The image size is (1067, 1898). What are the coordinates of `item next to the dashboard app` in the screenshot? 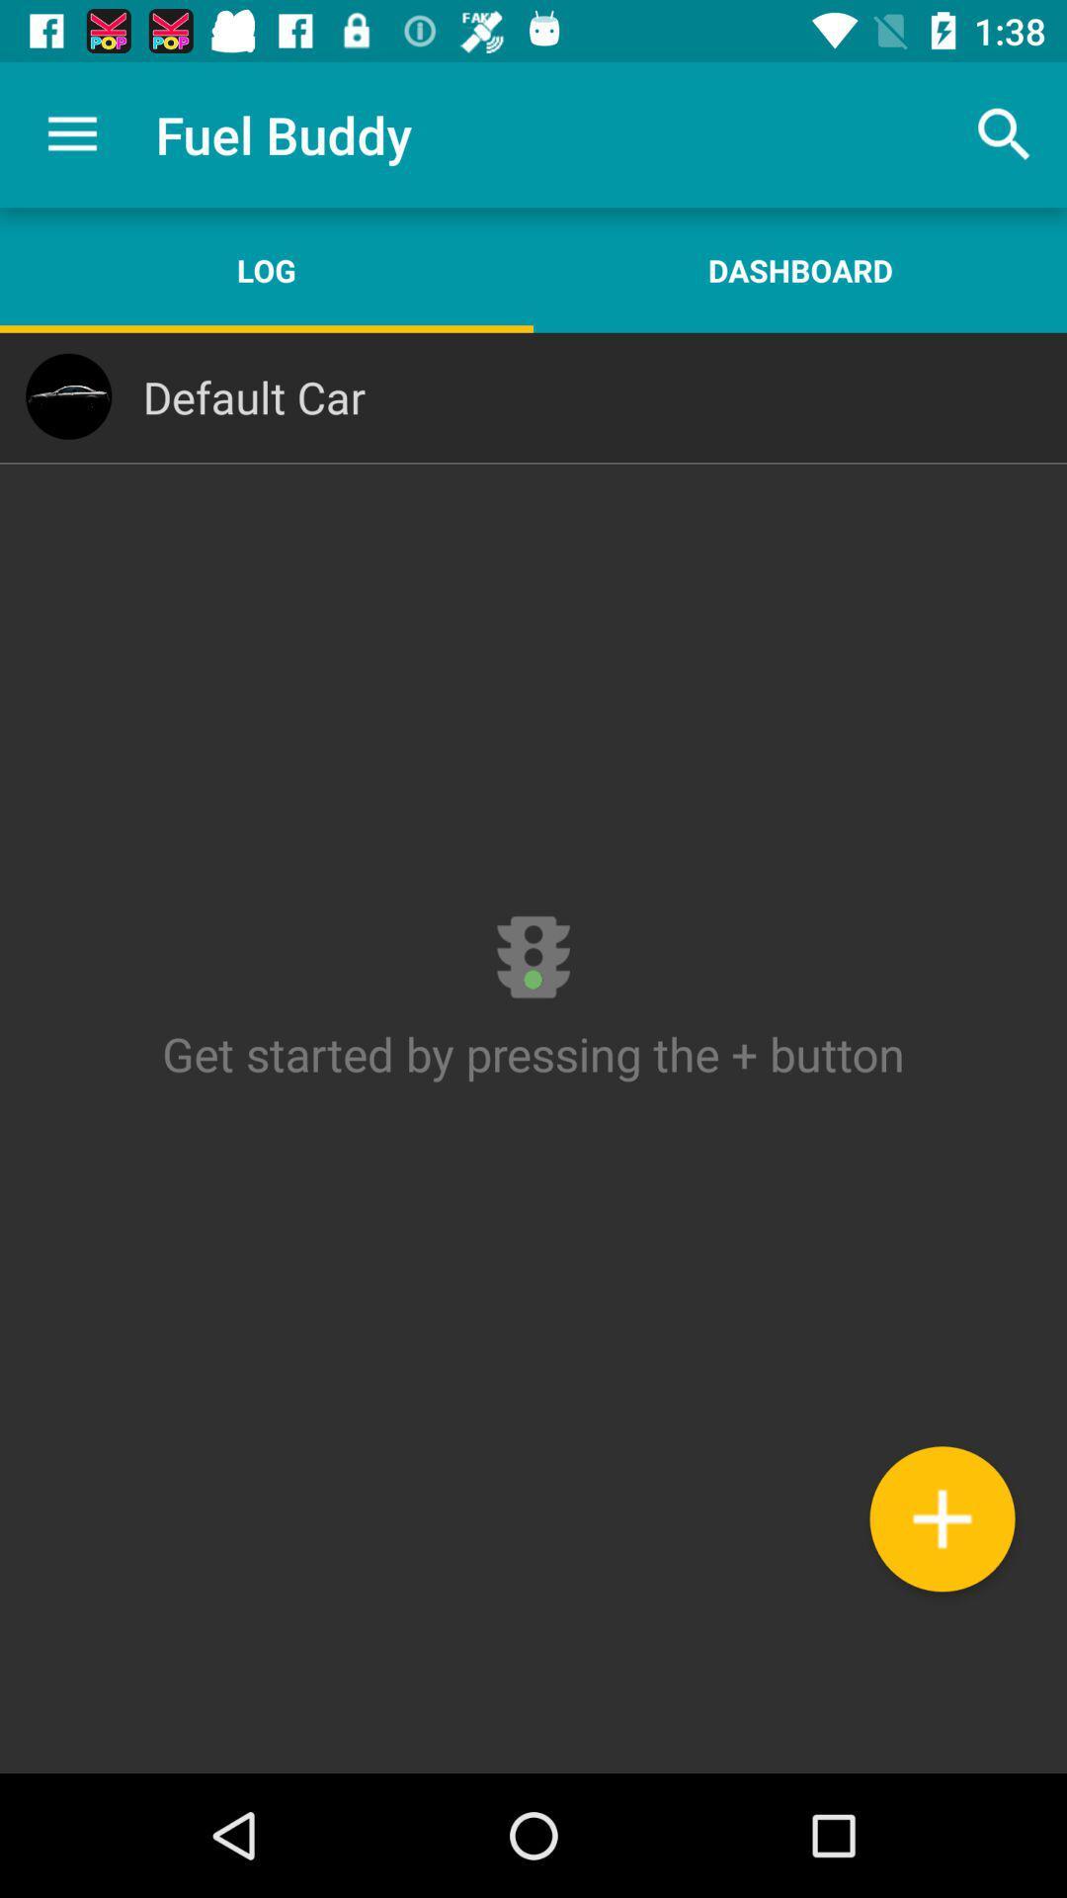 It's located at (267, 269).